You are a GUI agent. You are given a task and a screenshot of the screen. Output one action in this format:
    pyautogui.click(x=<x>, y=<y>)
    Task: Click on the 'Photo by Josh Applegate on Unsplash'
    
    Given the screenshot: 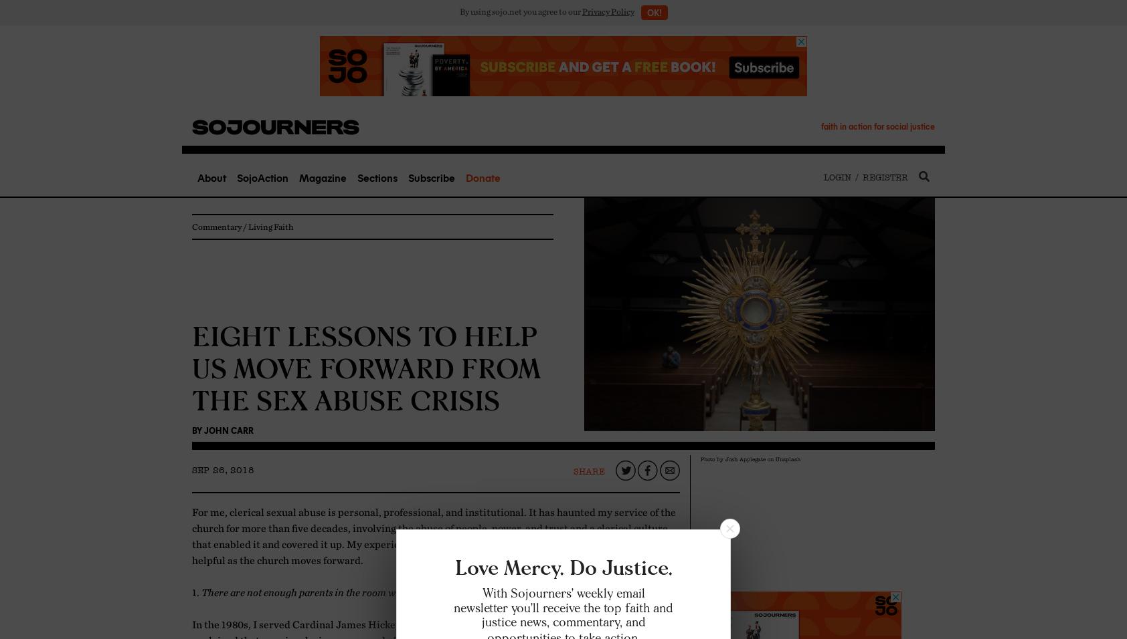 What is the action you would take?
    pyautogui.click(x=750, y=459)
    